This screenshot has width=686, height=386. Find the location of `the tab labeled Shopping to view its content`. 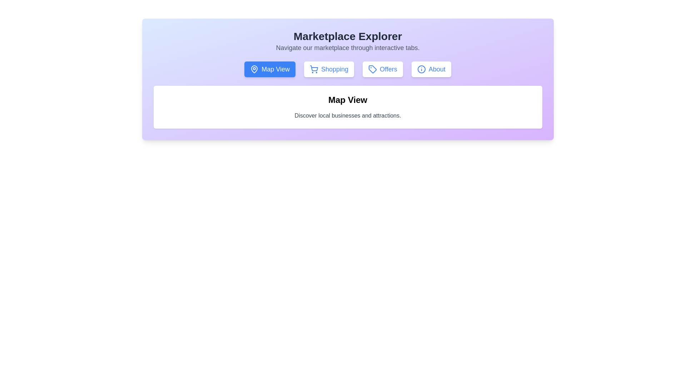

the tab labeled Shopping to view its content is located at coordinates (329, 69).